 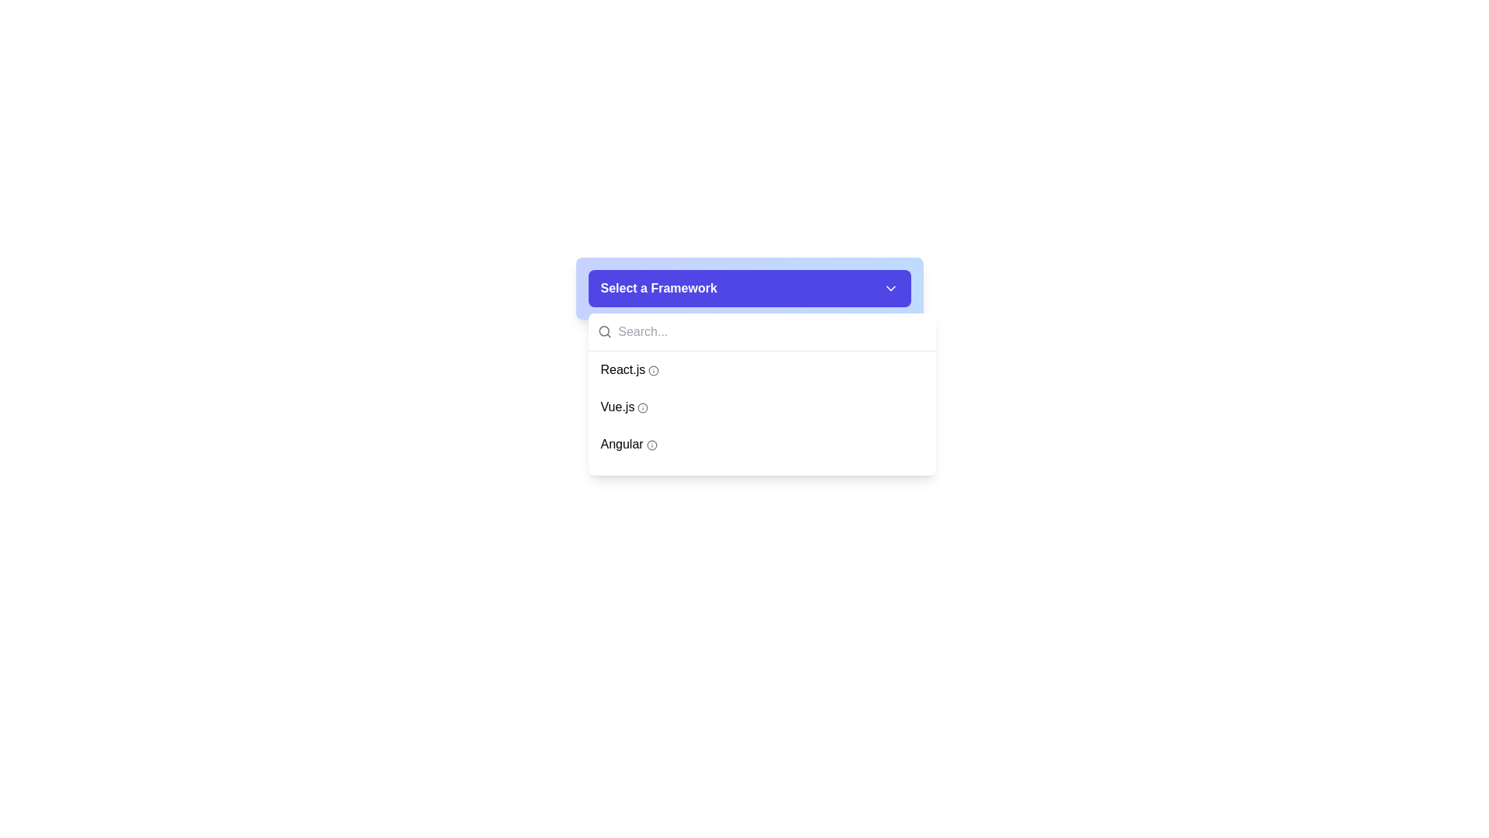 I want to click on the first item, so click(x=762, y=370).